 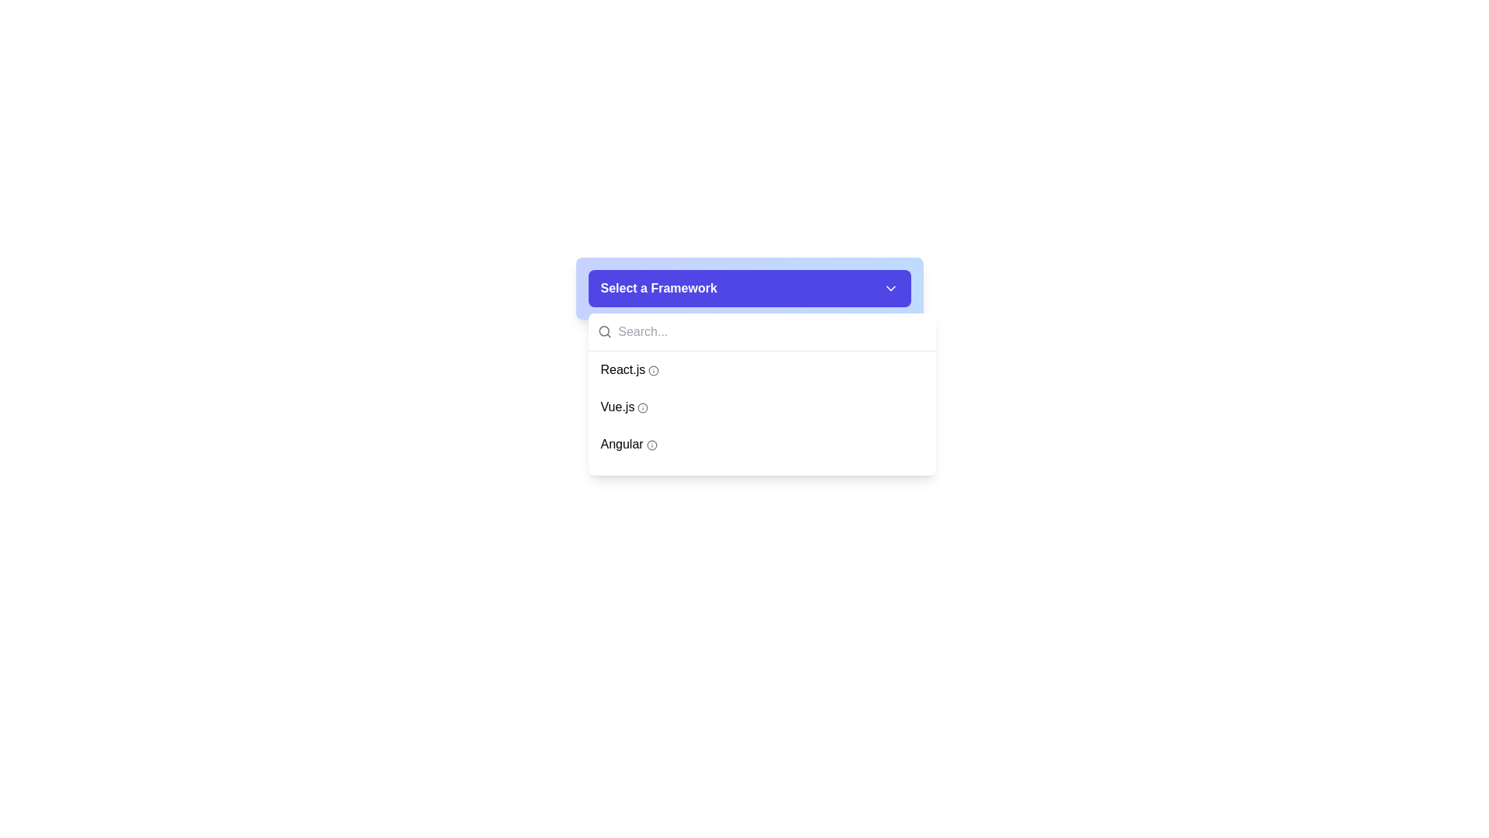 I want to click on the first item, so click(x=762, y=370).